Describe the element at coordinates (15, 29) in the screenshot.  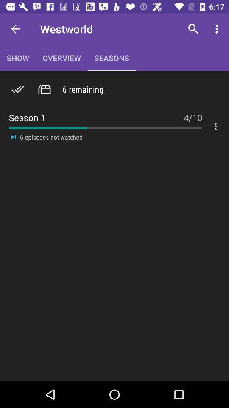
I see `item to the left of the overview item` at that location.